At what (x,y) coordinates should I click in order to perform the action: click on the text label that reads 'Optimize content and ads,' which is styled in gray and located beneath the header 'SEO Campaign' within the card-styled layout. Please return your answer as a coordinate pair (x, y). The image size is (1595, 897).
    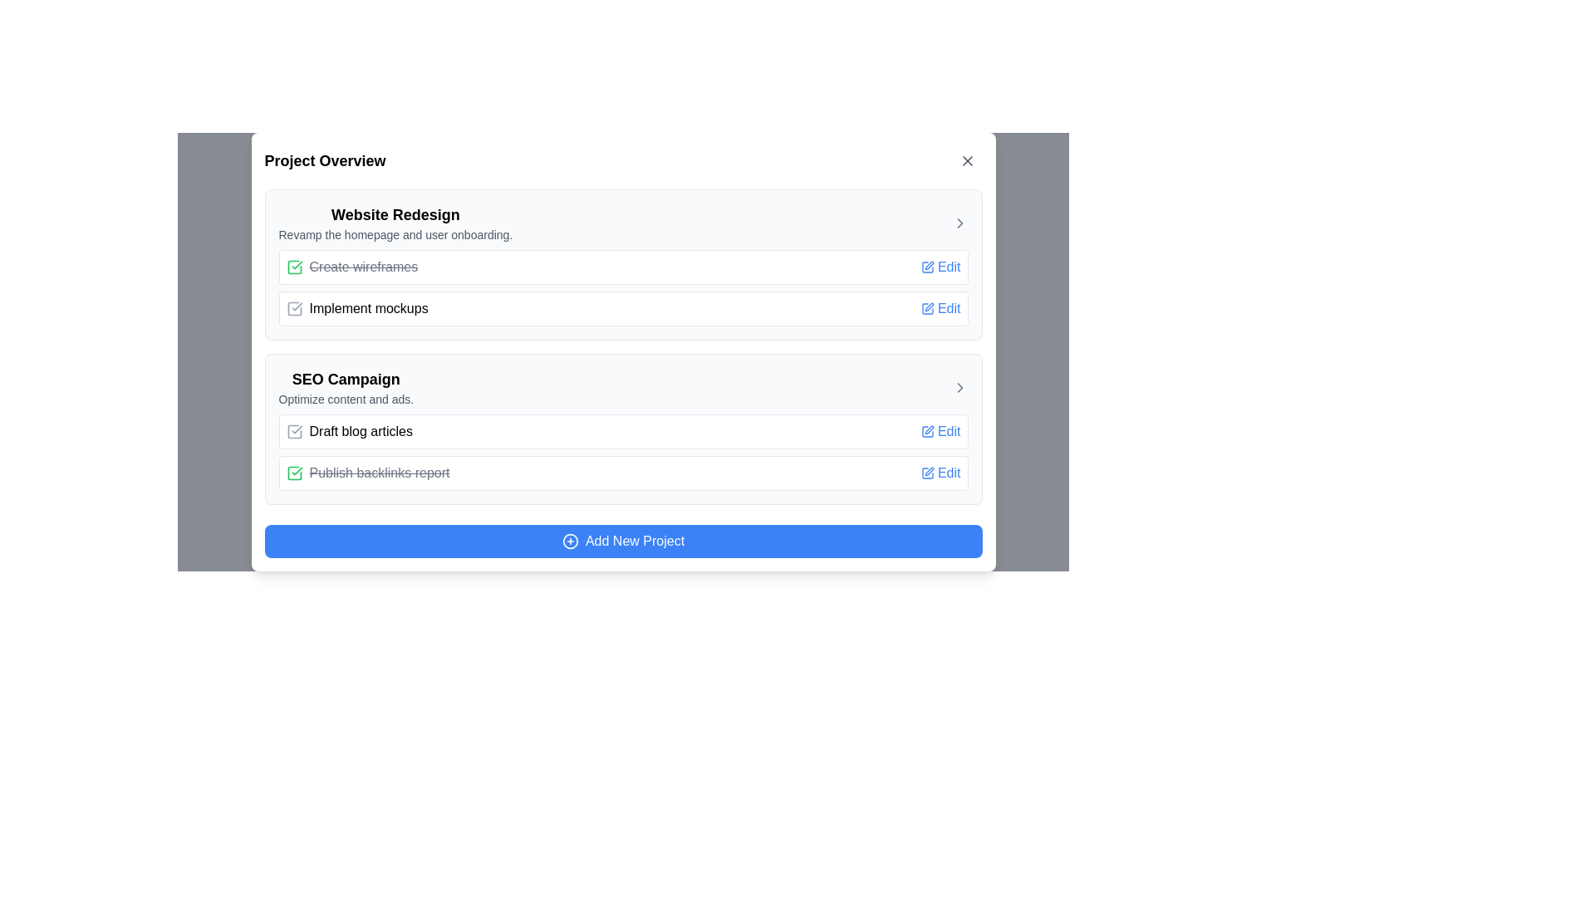
    Looking at the image, I should click on (345, 399).